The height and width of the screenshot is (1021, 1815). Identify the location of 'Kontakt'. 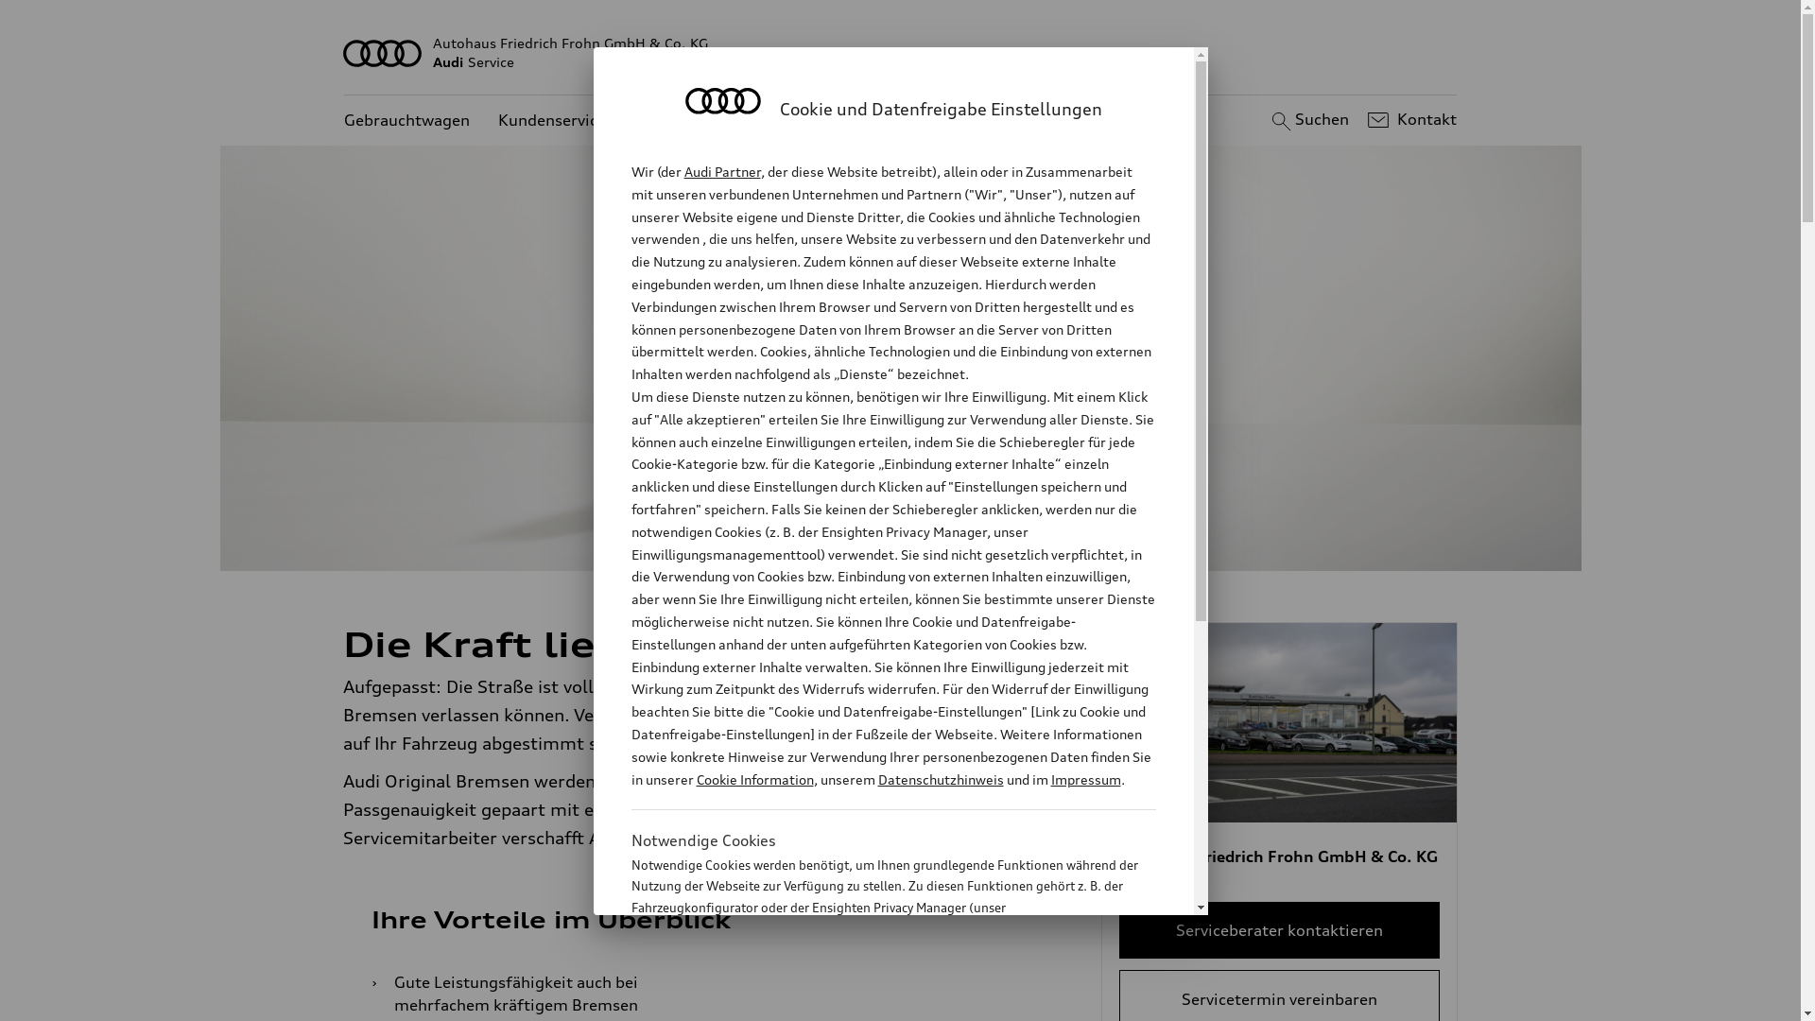
(1409, 120).